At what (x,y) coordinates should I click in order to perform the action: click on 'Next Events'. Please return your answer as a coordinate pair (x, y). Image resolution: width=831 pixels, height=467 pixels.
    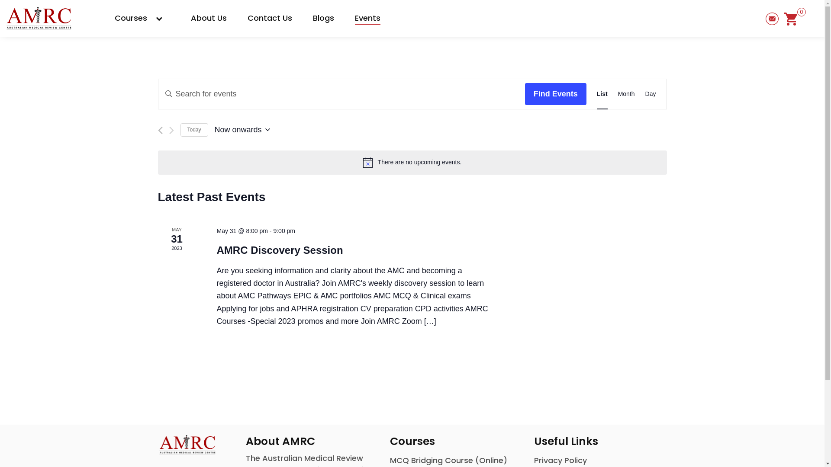
    Looking at the image, I should click on (171, 130).